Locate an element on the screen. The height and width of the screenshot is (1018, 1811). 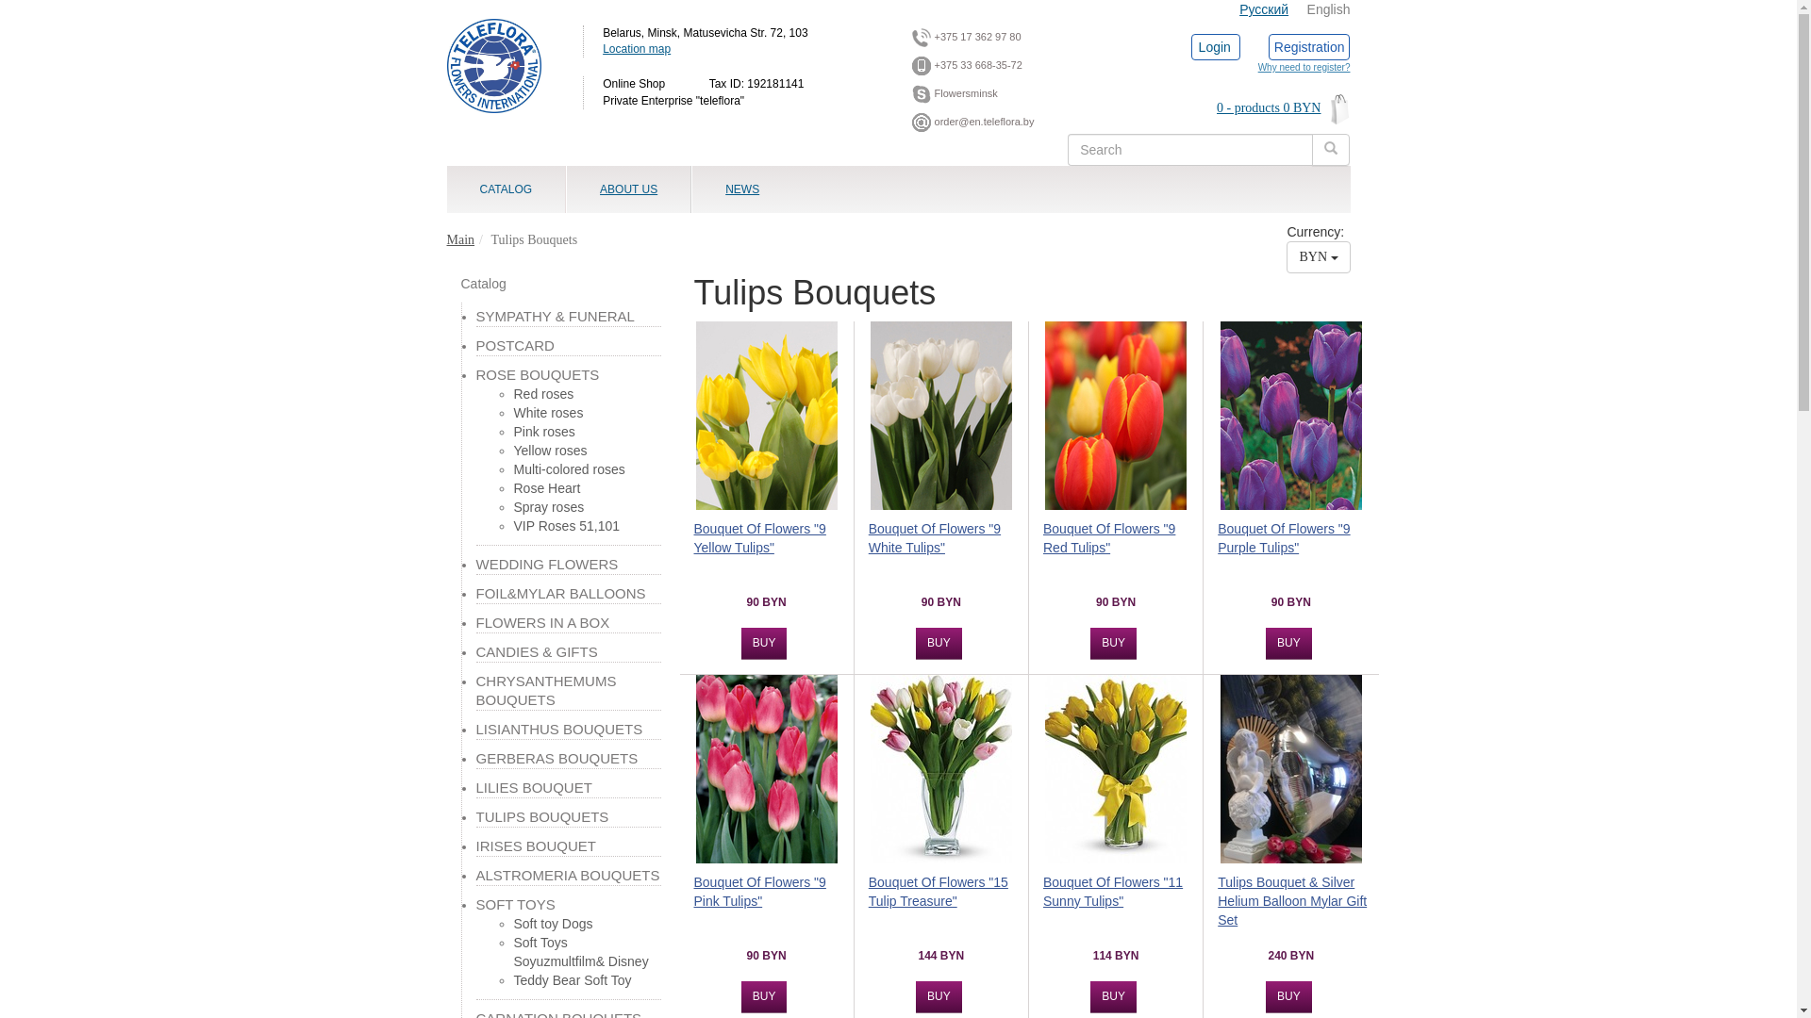
'FOIL&MYLAR BALLOONS' is located at coordinates (559, 592).